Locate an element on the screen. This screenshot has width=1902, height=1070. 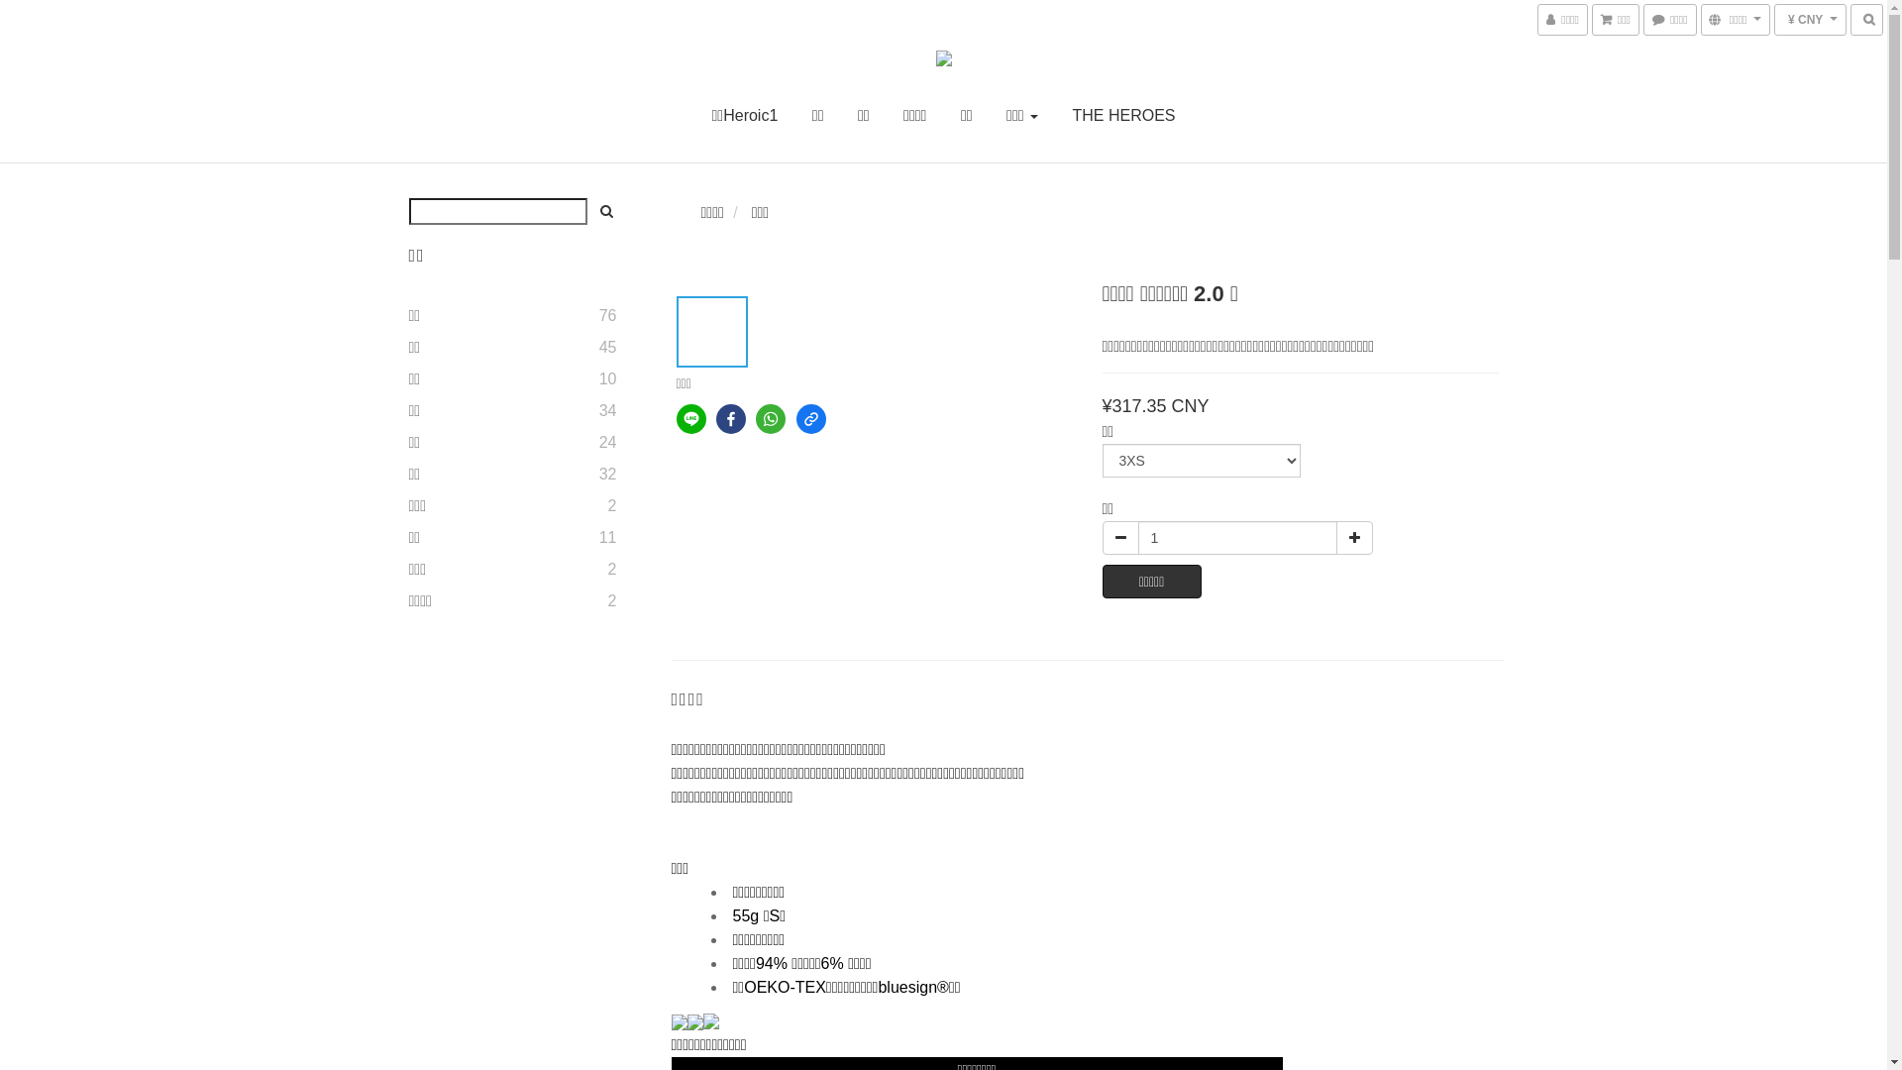
'whatsapp' is located at coordinates (769, 418).